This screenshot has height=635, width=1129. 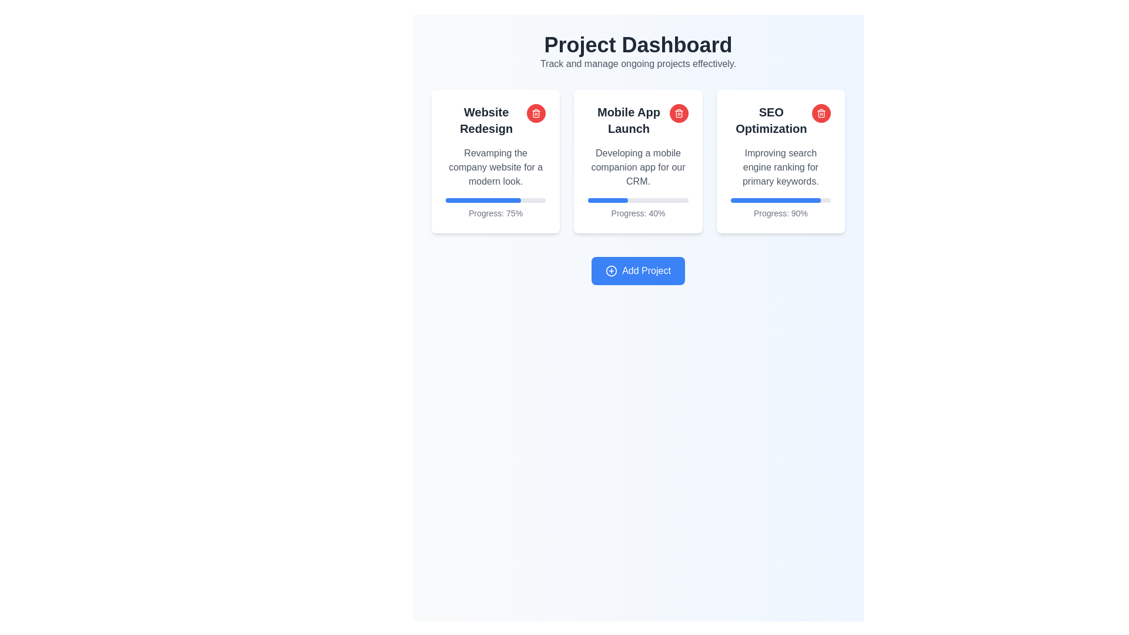 I want to click on the circular button with a red background and a white trash can icon, located in the top-right corner of the 'Mobile App Launch' card to interact with its hover effect, so click(x=679, y=113).